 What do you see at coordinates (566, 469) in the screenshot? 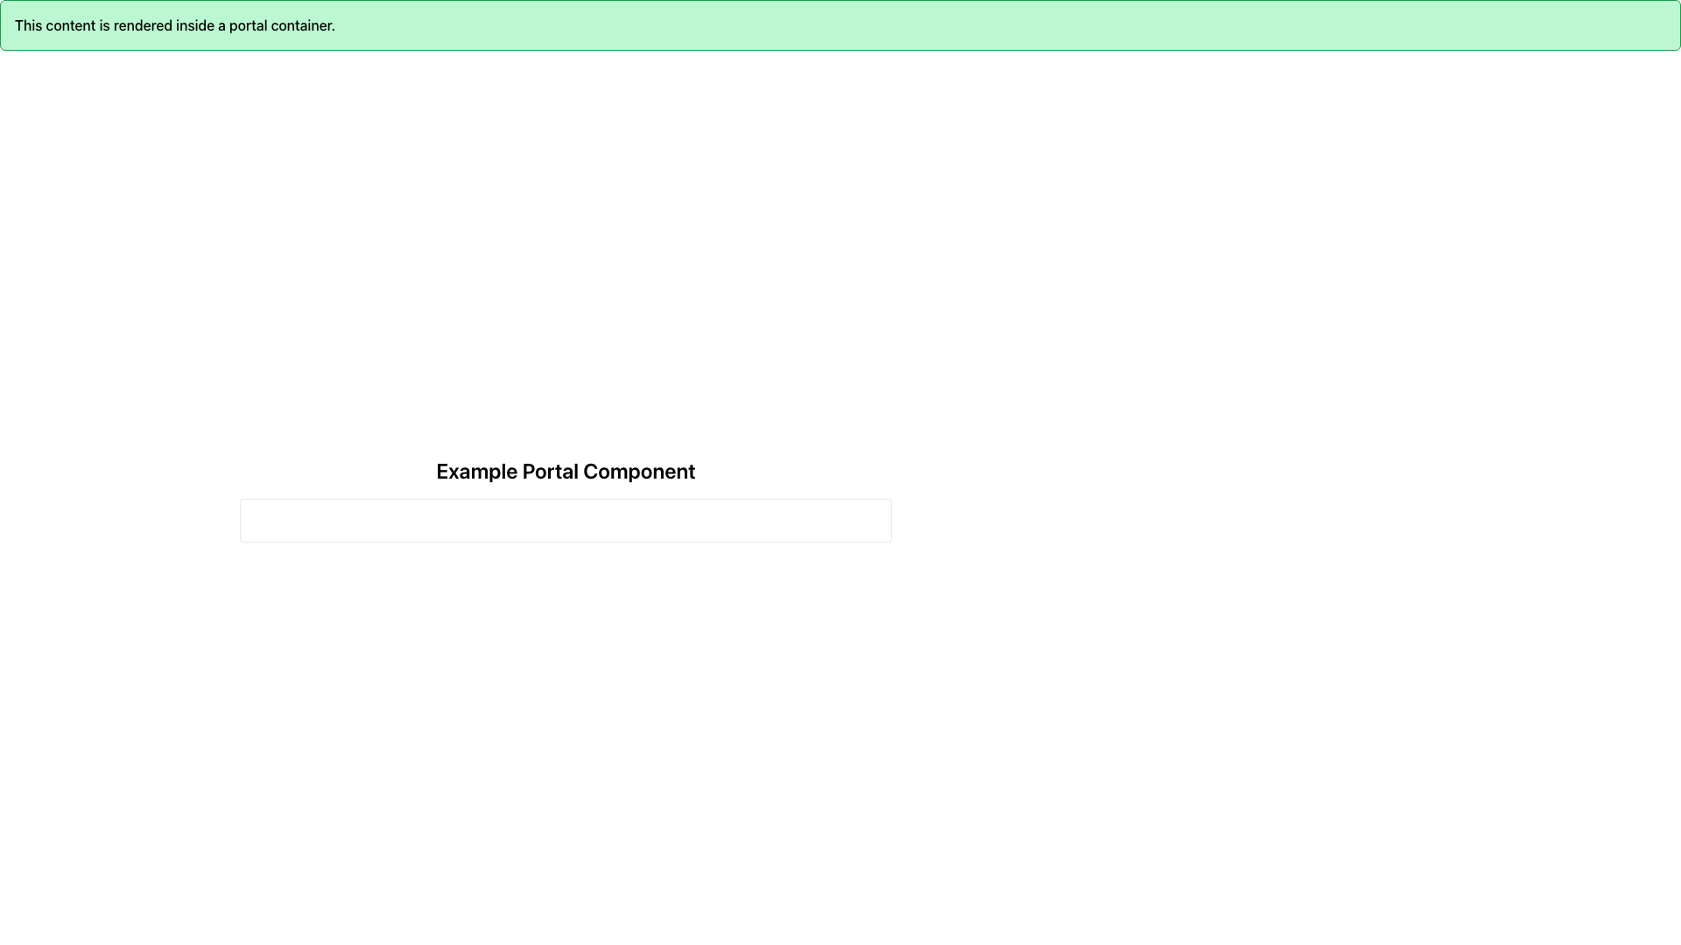
I see `the section labeled 'Example Portal Component'` at bounding box center [566, 469].